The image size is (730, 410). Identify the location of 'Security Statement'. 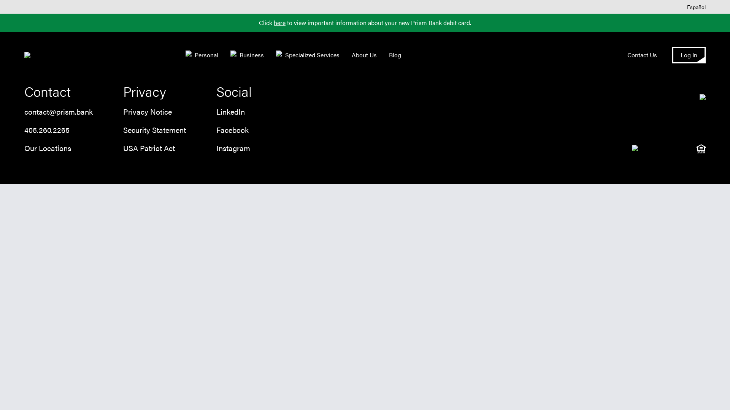
(154, 129).